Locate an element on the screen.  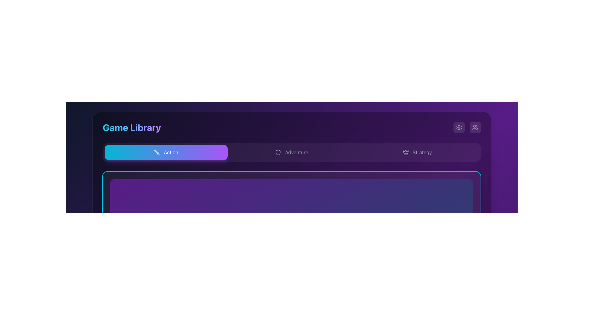
the shield-like icon located in the navigation bar, positioned to the right of the 'Adventure' text, indicating protection or settings features is located at coordinates (278, 152).